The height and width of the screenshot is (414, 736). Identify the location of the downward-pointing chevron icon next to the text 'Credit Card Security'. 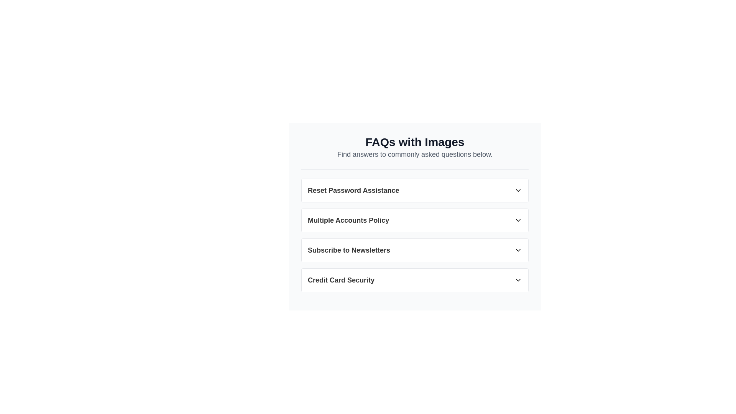
(518, 280).